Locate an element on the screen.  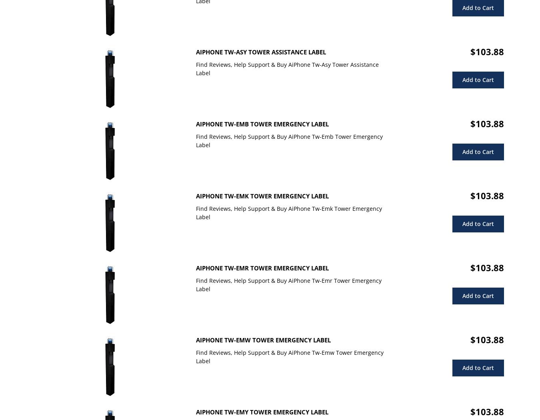
'AiPhone Tw-Emr Tower Emergency Label' is located at coordinates (262, 268).